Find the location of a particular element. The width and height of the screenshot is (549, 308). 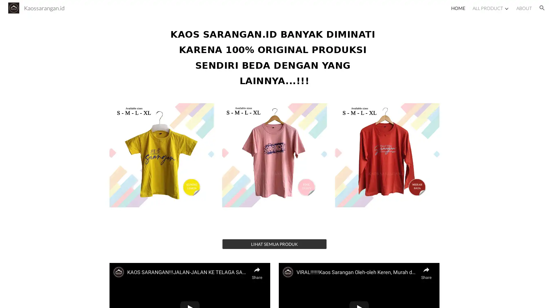

Site actions is located at coordinates (10, 298).